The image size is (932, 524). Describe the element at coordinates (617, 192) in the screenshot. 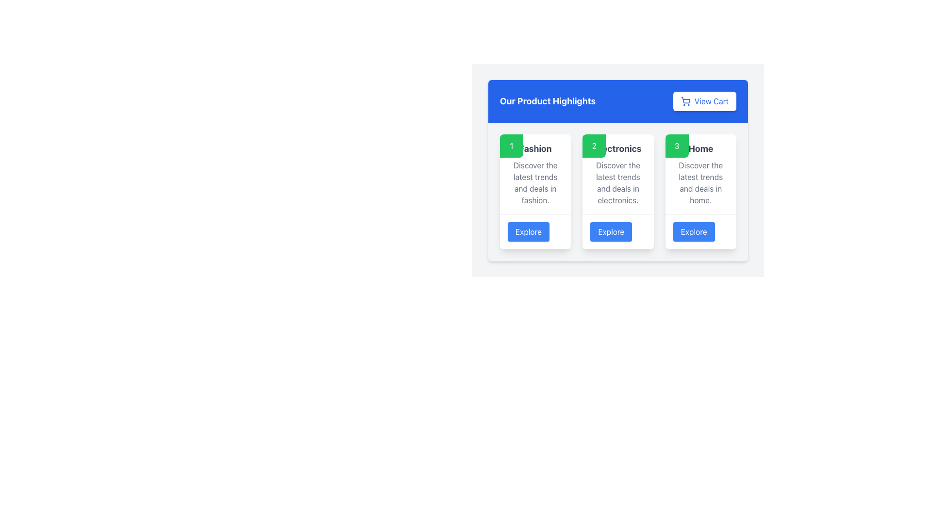

I see `the 'Explore' button on the Electronics card, which is the second card in the grid layout under 'Our Product Highlights'` at that location.